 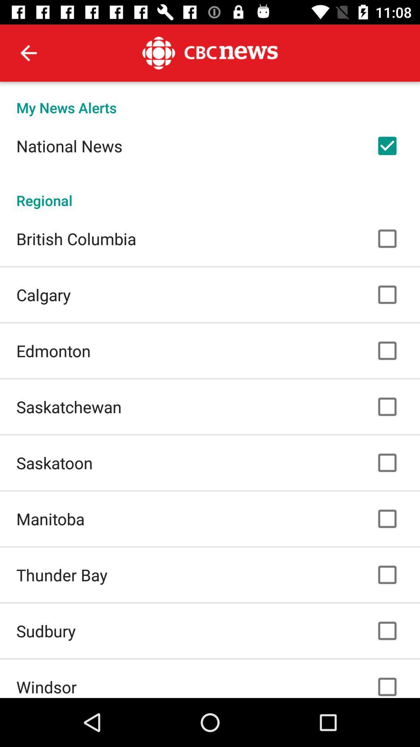 What do you see at coordinates (46, 687) in the screenshot?
I see `the windsor icon` at bounding box center [46, 687].